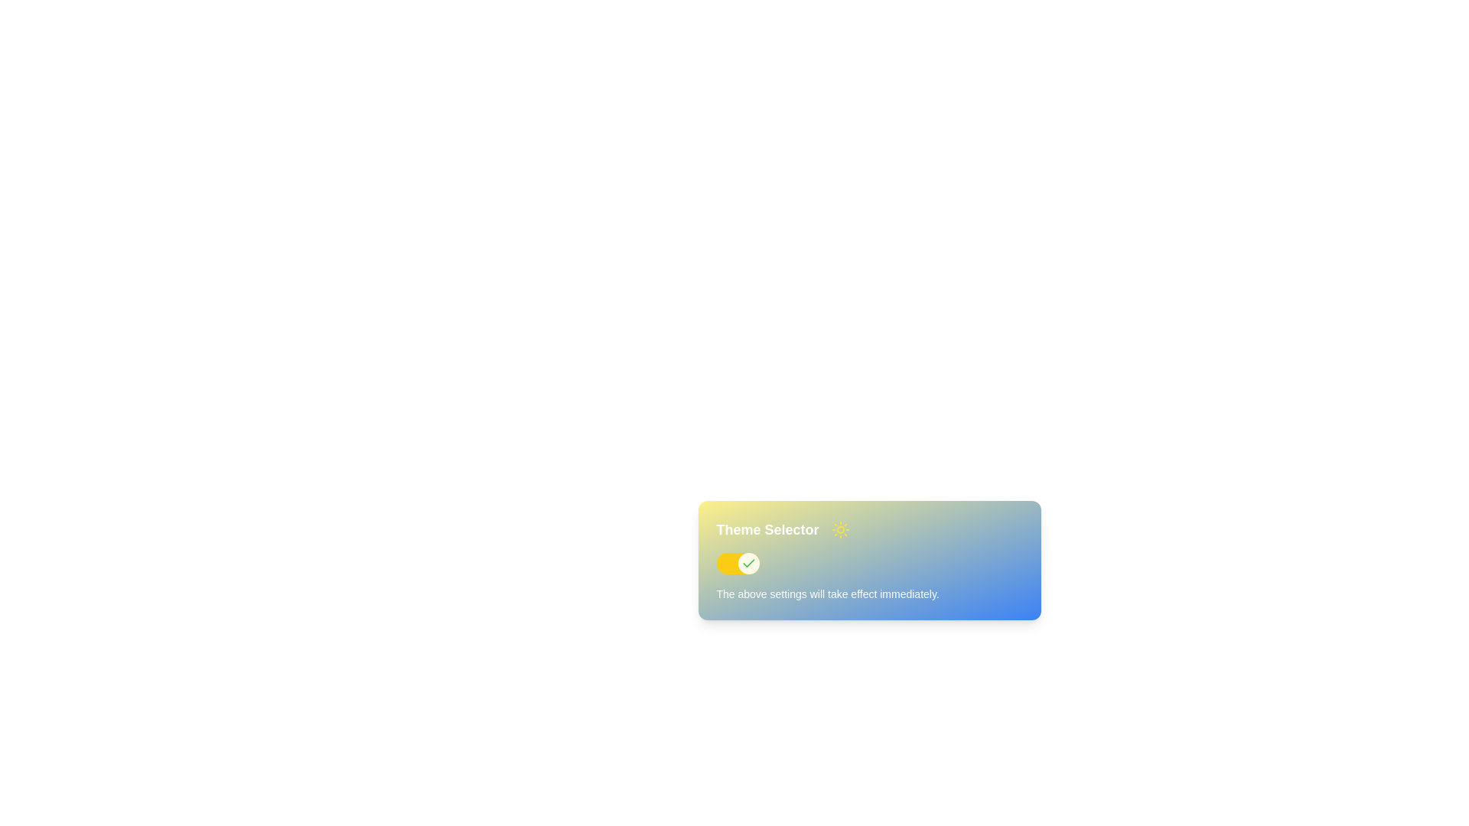 The image size is (1469, 826). What do you see at coordinates (839, 529) in the screenshot?
I see `the small, circular yellow sun icon with a sunburst design located to the right of the 'Theme Selector' text` at bounding box center [839, 529].